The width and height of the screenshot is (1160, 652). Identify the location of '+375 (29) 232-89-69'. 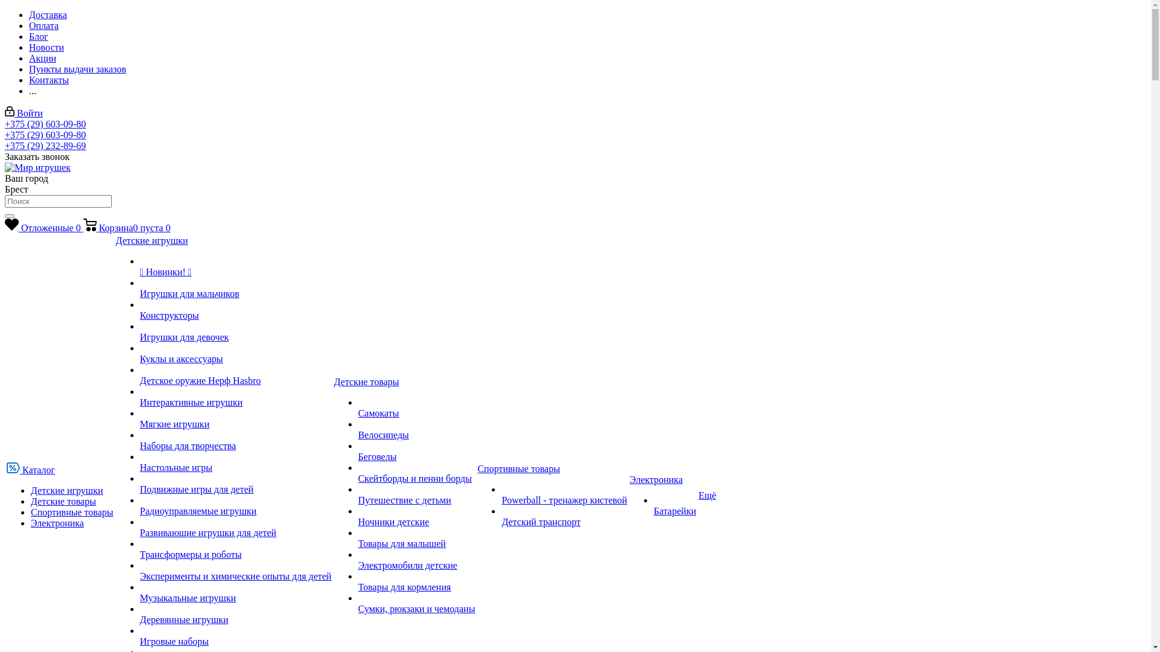
(45, 145).